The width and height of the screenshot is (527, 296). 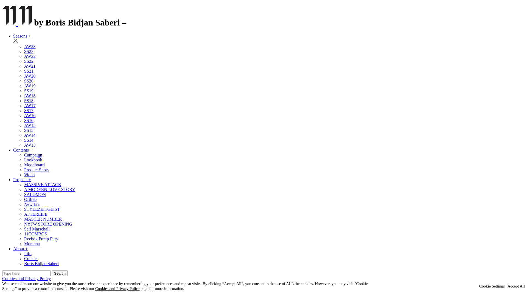 What do you see at coordinates (27, 254) in the screenshot?
I see `'Info'` at bounding box center [27, 254].